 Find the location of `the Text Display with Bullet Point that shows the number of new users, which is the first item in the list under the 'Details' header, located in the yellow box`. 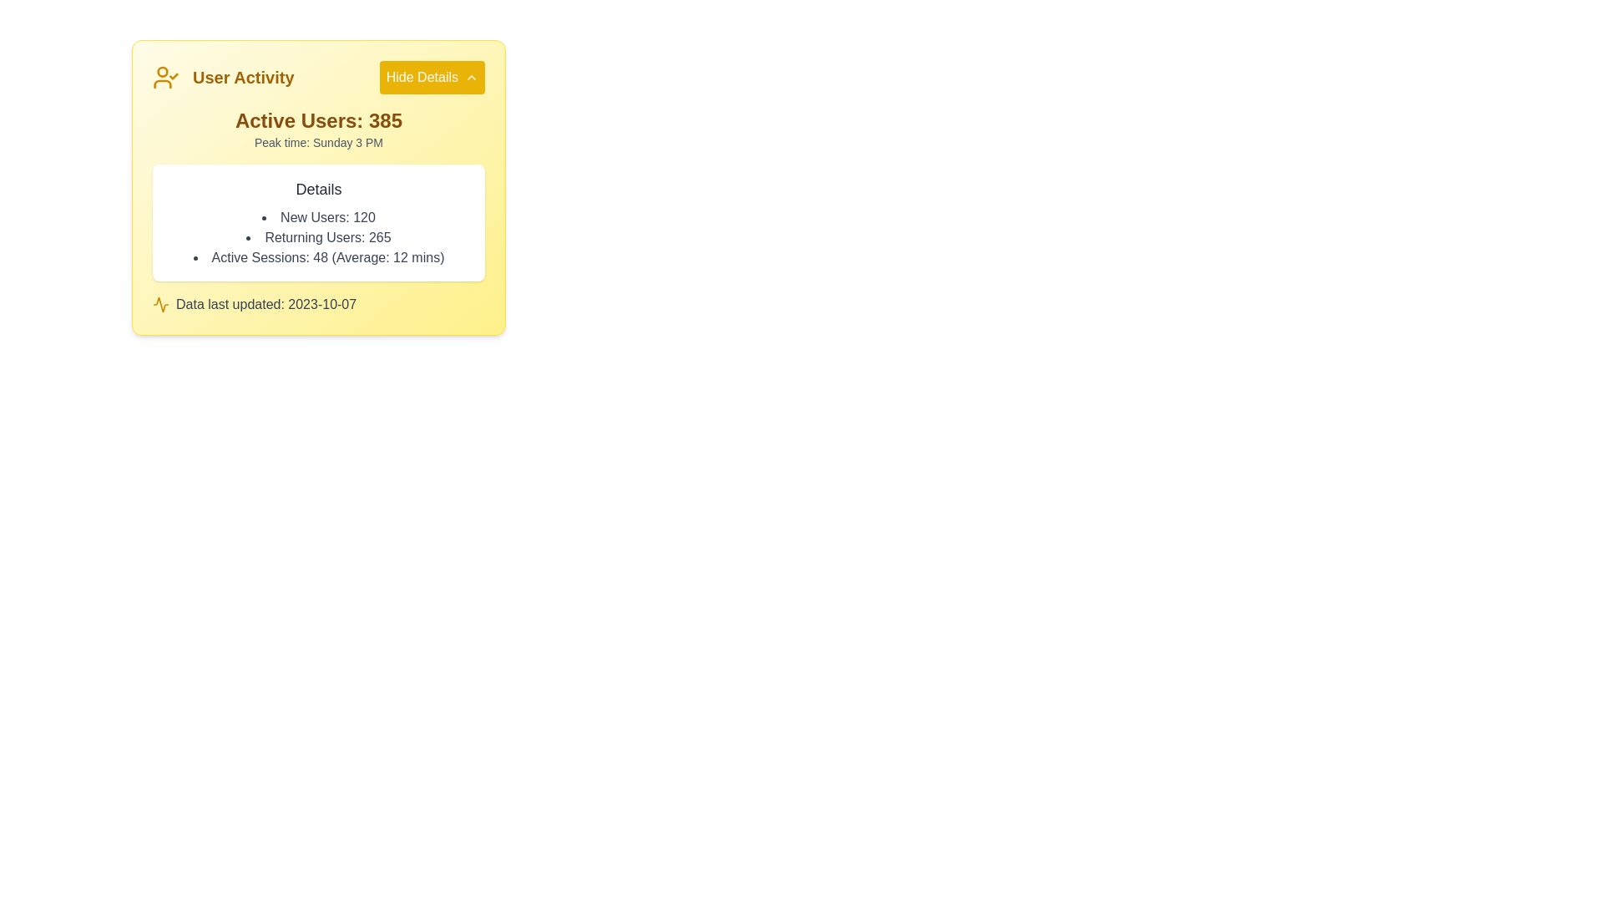

the Text Display with Bullet Point that shows the number of new users, which is the first item in the list under the 'Details' header, located in the yellow box is located at coordinates (319, 217).